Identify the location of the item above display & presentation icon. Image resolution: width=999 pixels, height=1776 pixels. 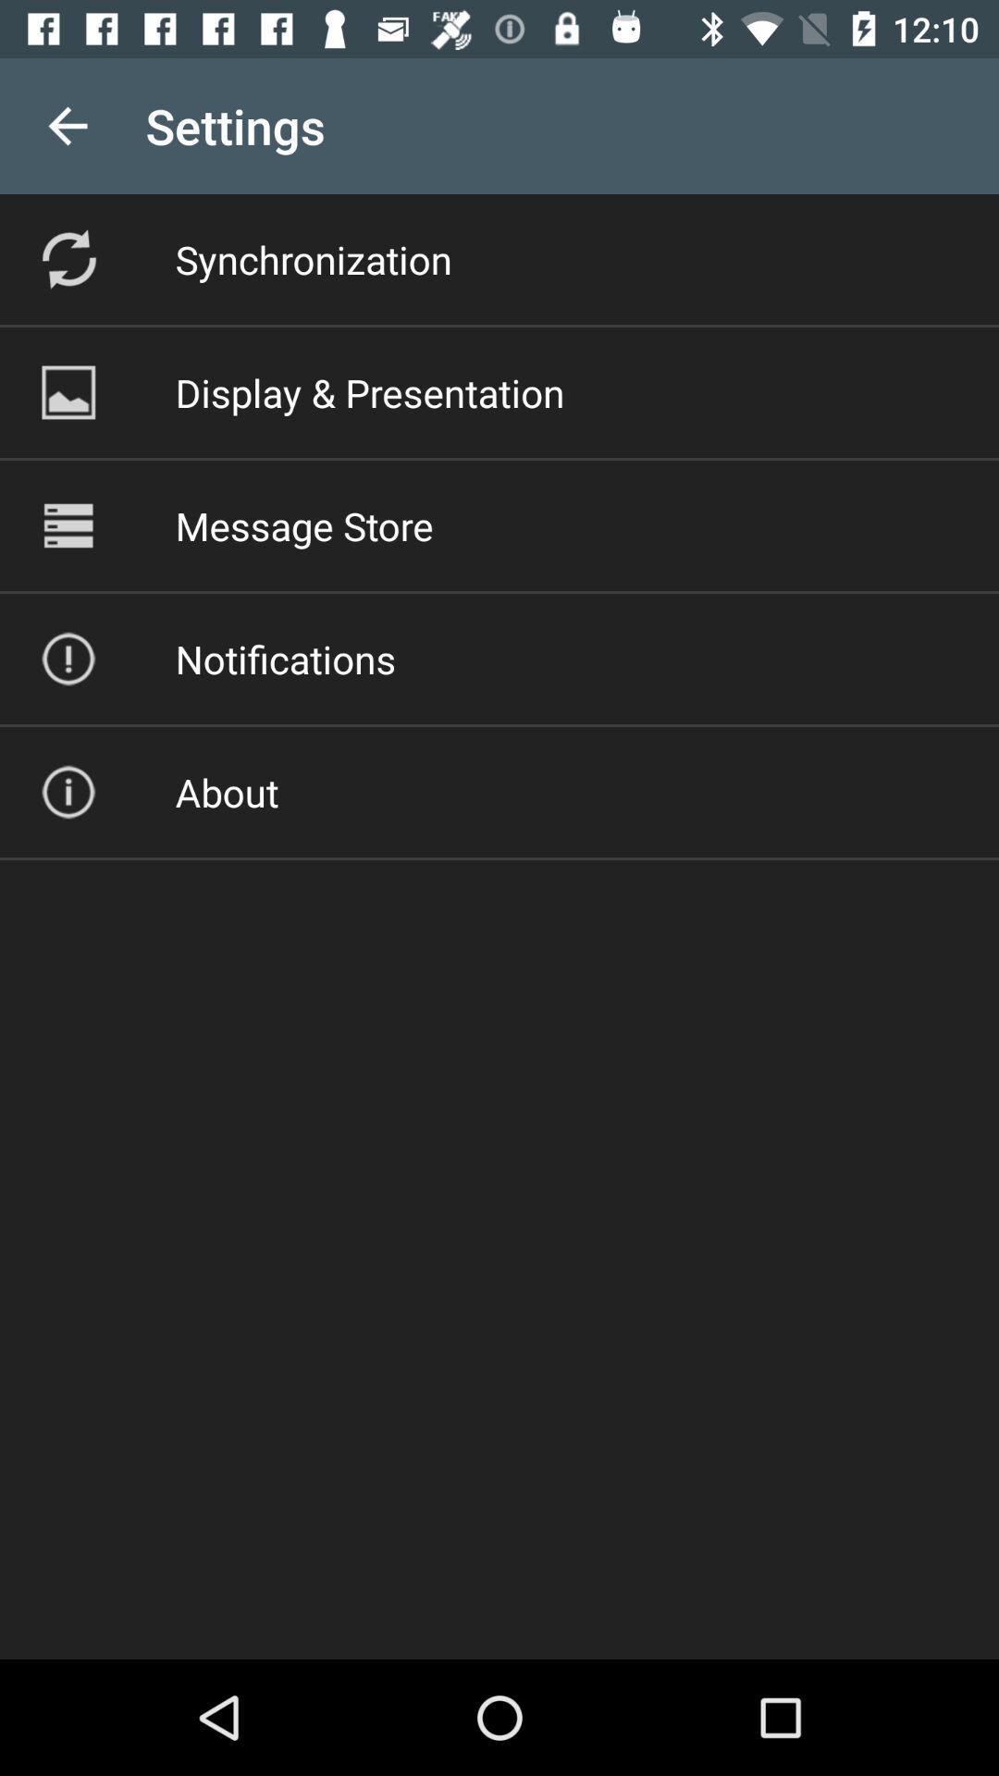
(313, 258).